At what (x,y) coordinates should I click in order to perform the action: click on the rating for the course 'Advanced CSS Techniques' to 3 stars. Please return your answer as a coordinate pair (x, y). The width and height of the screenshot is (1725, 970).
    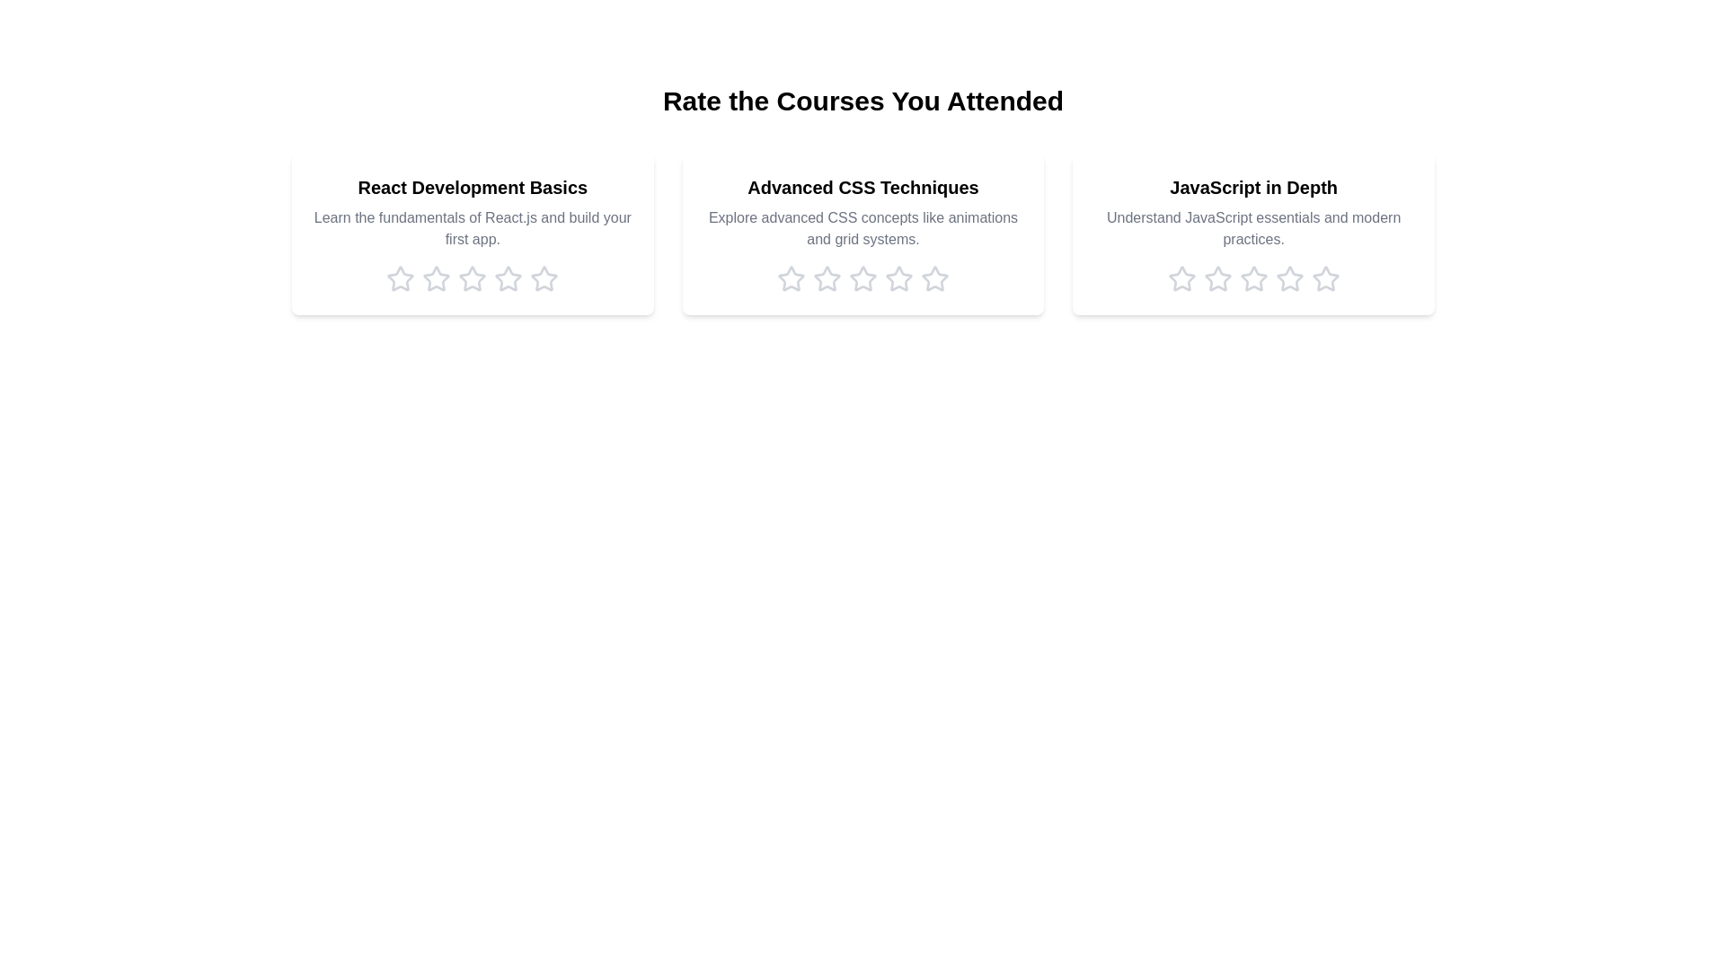
    Looking at the image, I should click on (862, 279).